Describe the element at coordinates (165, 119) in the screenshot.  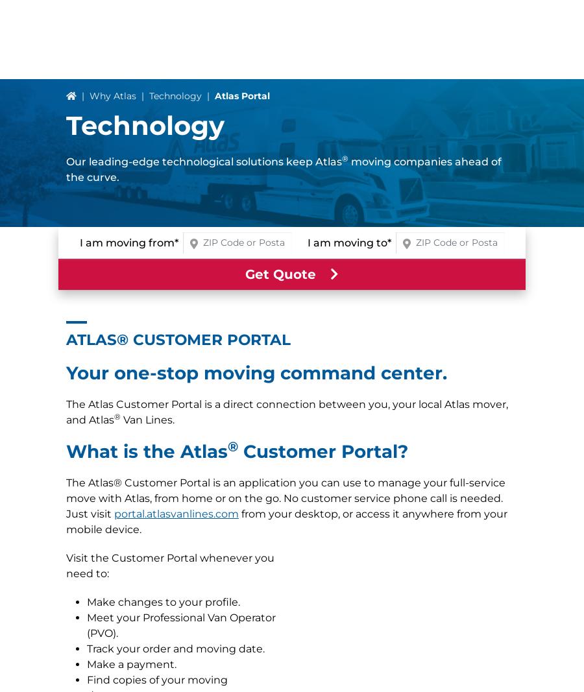
I see `'Performance: Self-haul Results'` at that location.